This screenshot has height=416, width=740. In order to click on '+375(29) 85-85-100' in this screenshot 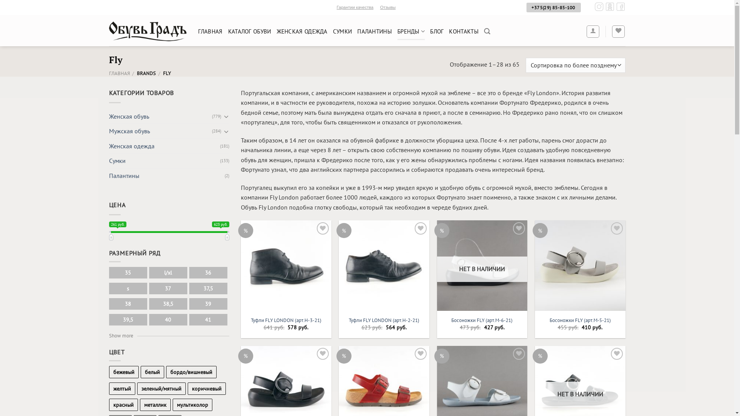, I will do `click(525, 7)`.